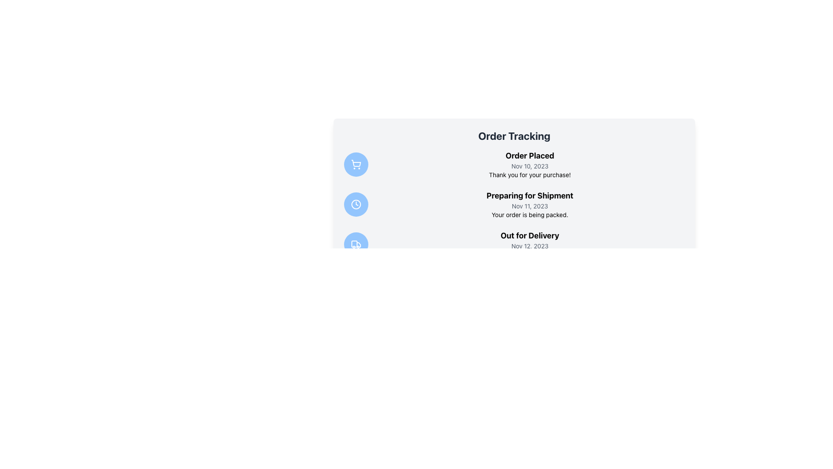  Describe the element at coordinates (529, 215) in the screenshot. I see `the text label that indicates the progress of the delivery process, specifically stating that the order is currently being packed, located to the right of the respective icon` at that location.